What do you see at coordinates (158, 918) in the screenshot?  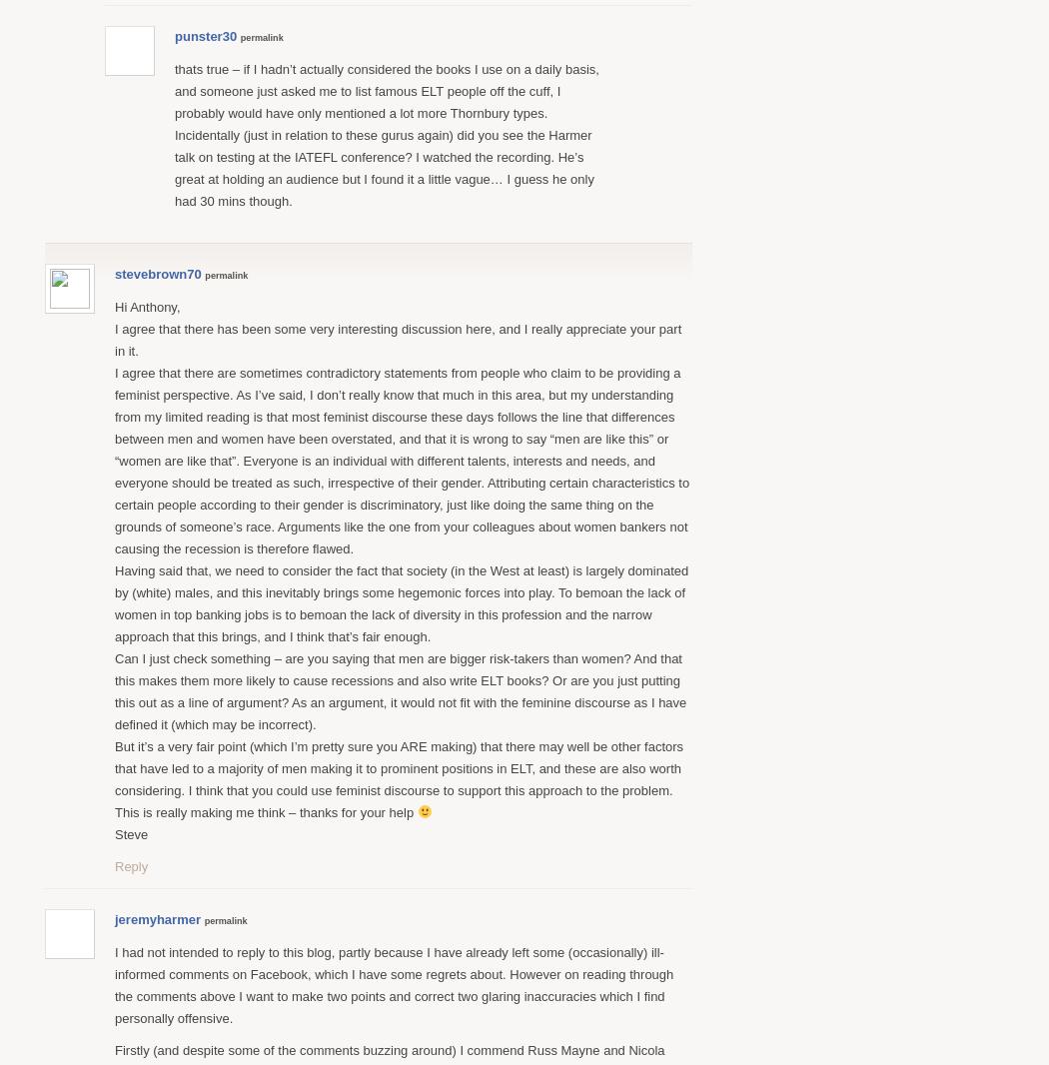 I see `'jeremyharmer'` at bounding box center [158, 918].